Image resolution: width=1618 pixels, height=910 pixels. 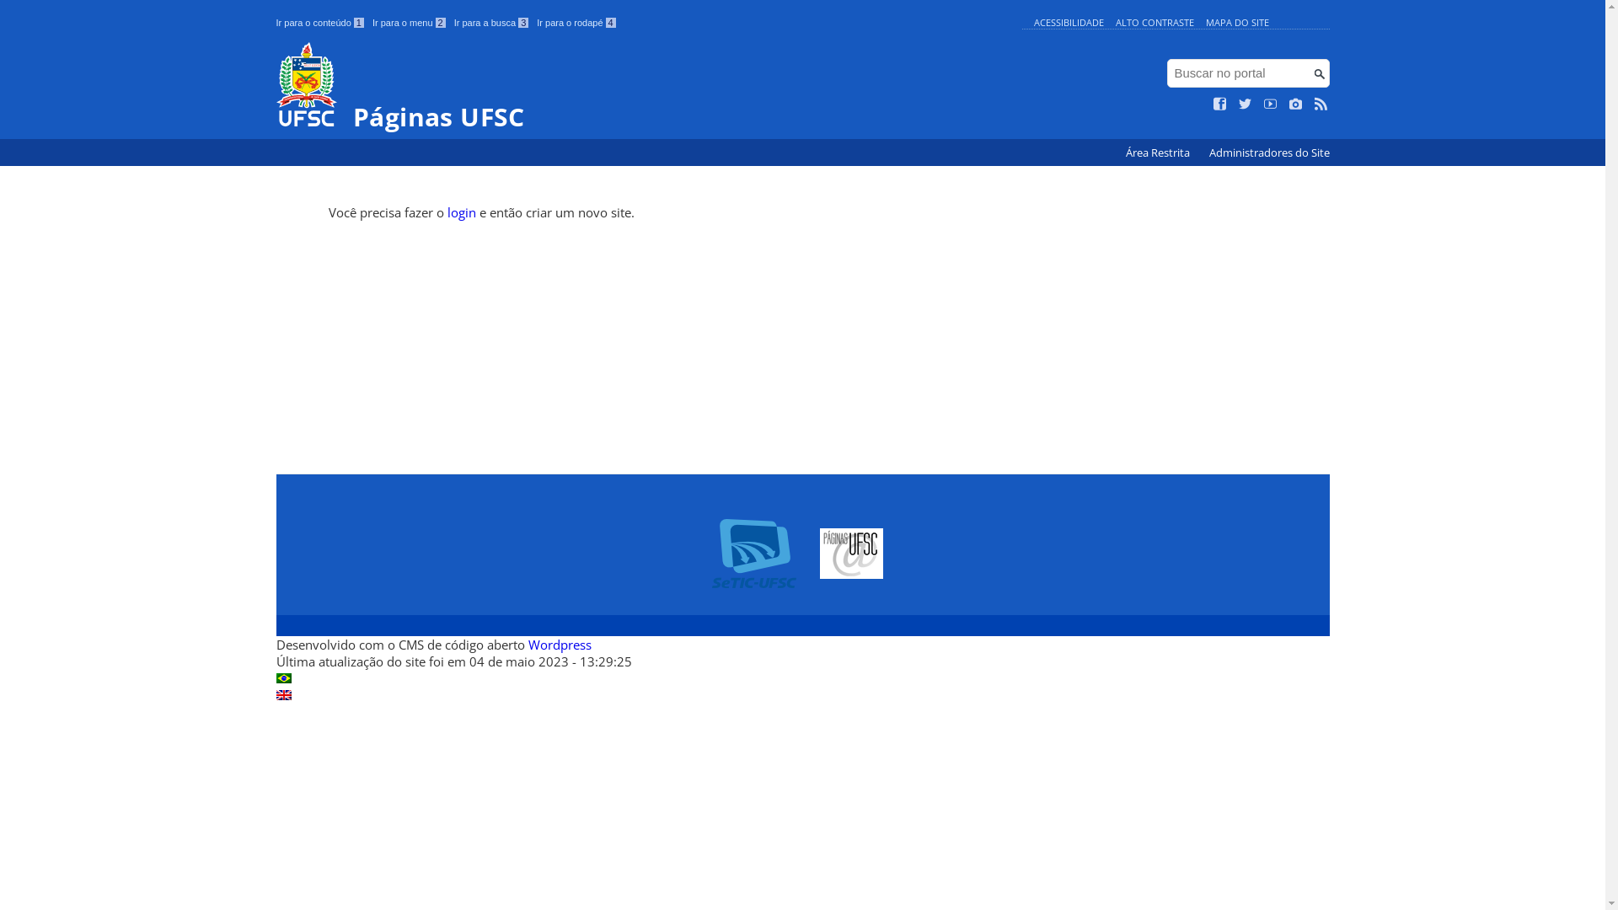 I want to click on 'Veja no Instagram', so click(x=1294, y=104).